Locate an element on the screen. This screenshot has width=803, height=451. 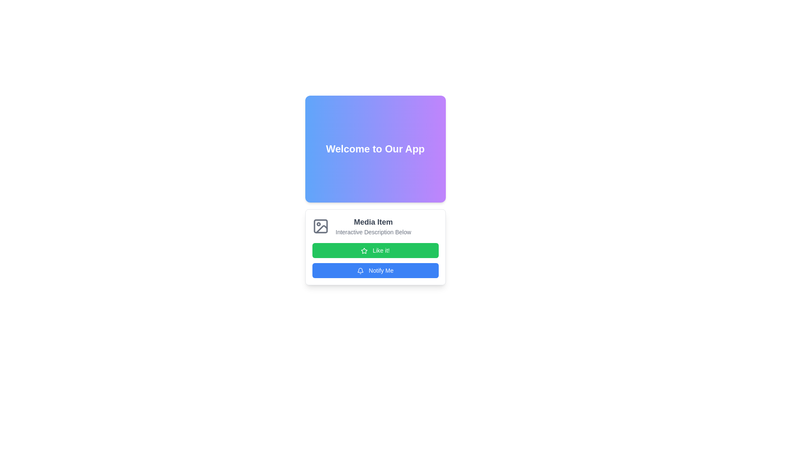
the Static Text element that provides descriptive information related to the 'Media Item', positioned below the 'Media Item' title and above the buttons 'Like it!' and 'Notify Me' is located at coordinates (373, 232).